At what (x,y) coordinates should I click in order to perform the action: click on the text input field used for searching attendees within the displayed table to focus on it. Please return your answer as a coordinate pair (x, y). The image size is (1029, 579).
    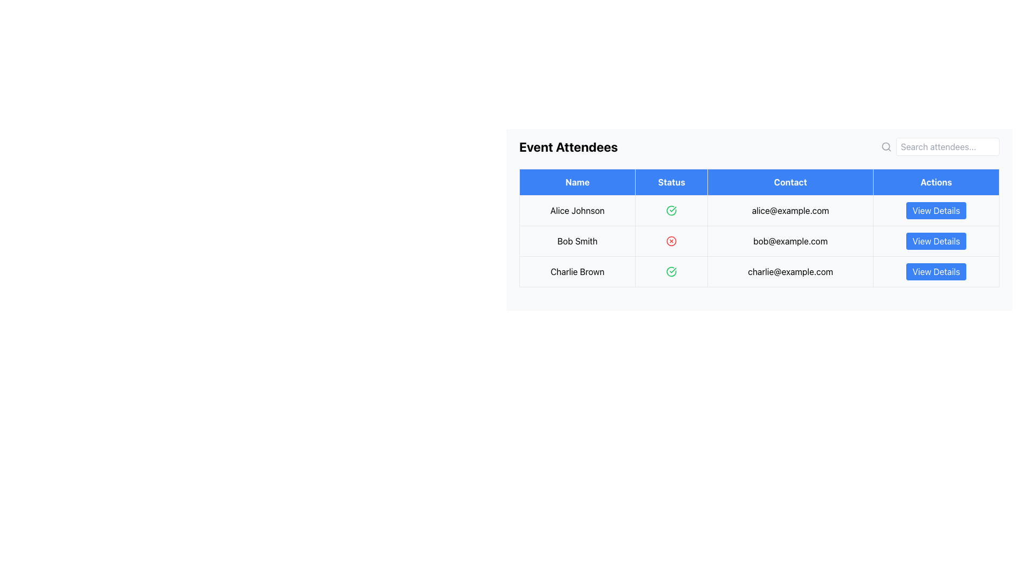
    Looking at the image, I should click on (948, 146).